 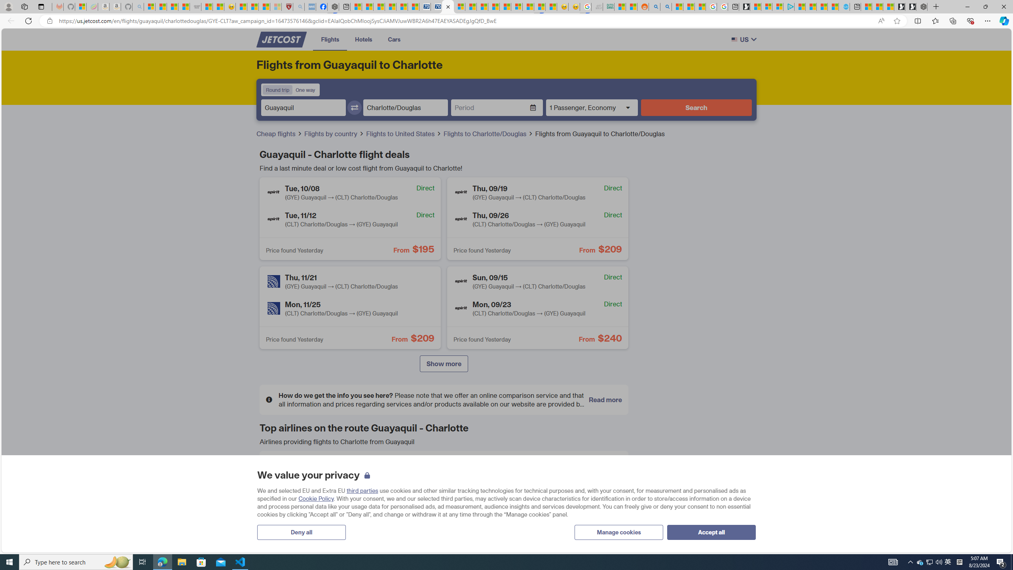 I want to click on 'third parties', so click(x=362, y=490).